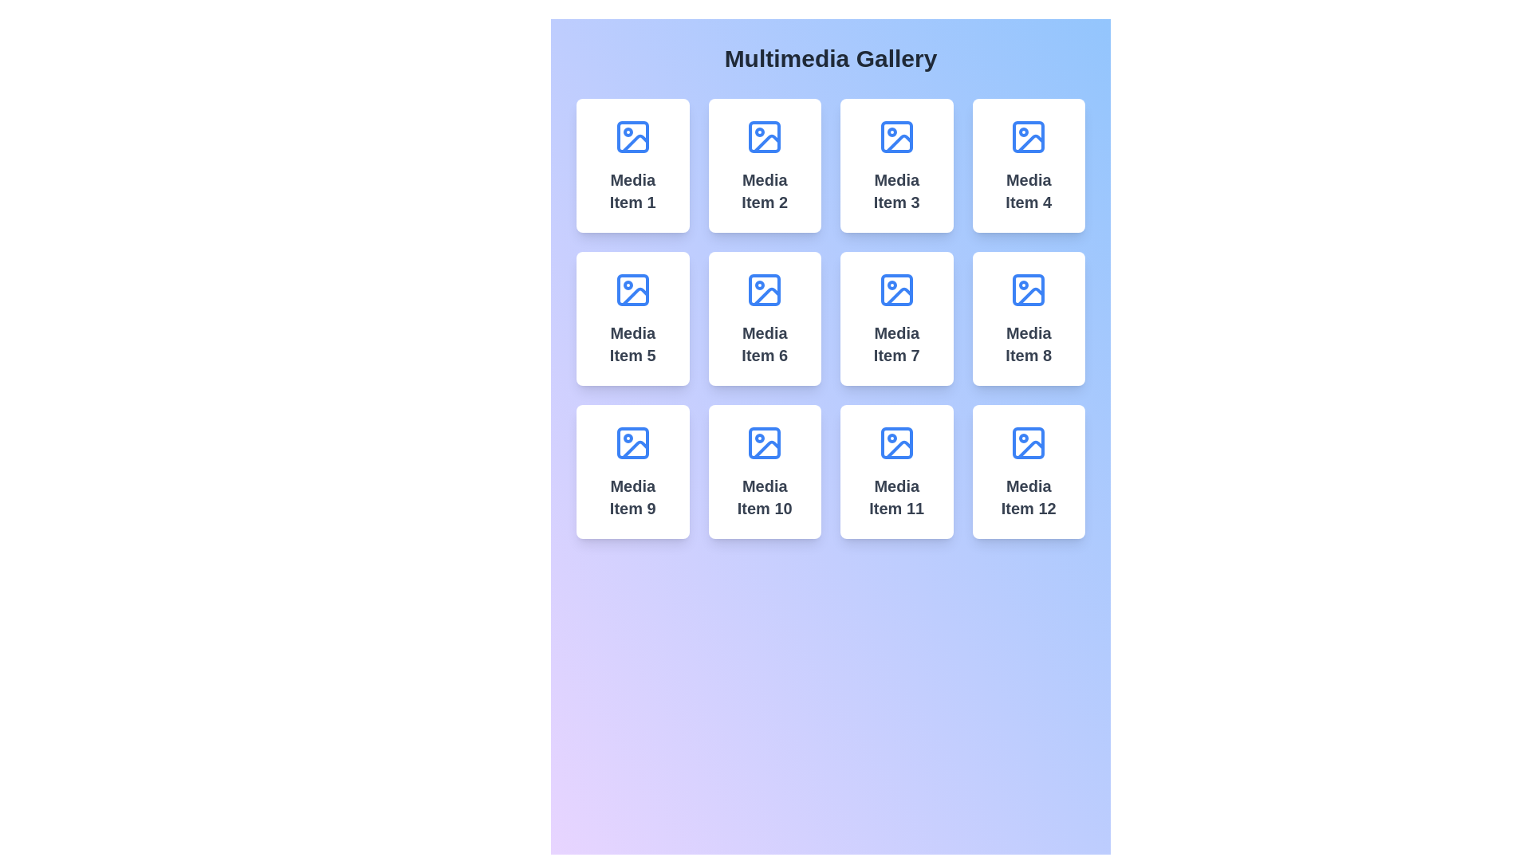 The image size is (1531, 861). I want to click on the blue square-shaped decorative graphical component with rounded corners, located in the upper-left corner of the media placeholder icon of the card labeled 'Media Item 2' in the multimedia gallery, so click(764, 136).